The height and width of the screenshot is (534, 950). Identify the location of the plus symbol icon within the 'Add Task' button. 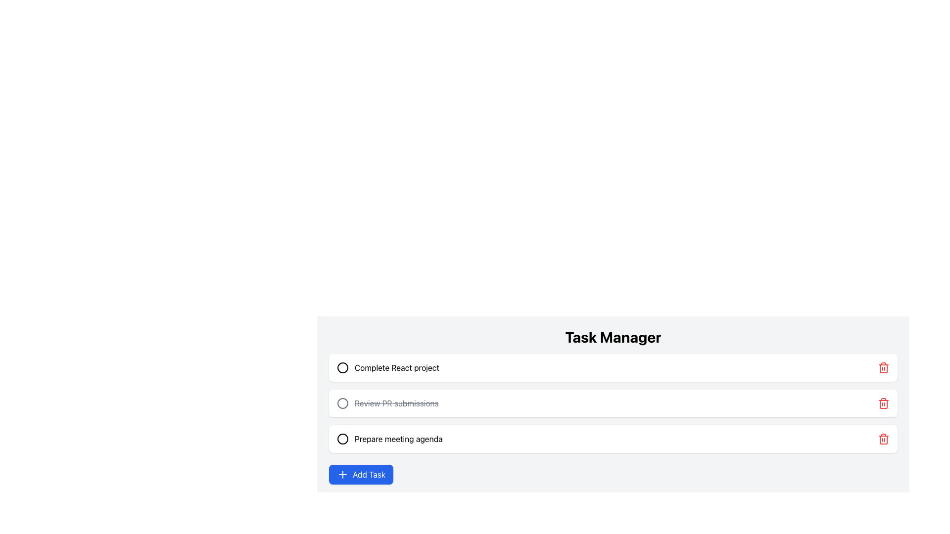
(342, 474).